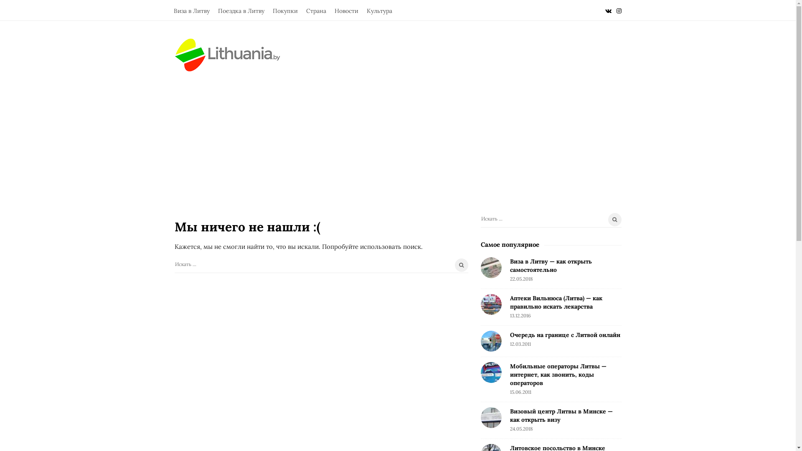 This screenshot has width=802, height=451. What do you see at coordinates (619, 10) in the screenshot?
I see `'Instagram'` at bounding box center [619, 10].